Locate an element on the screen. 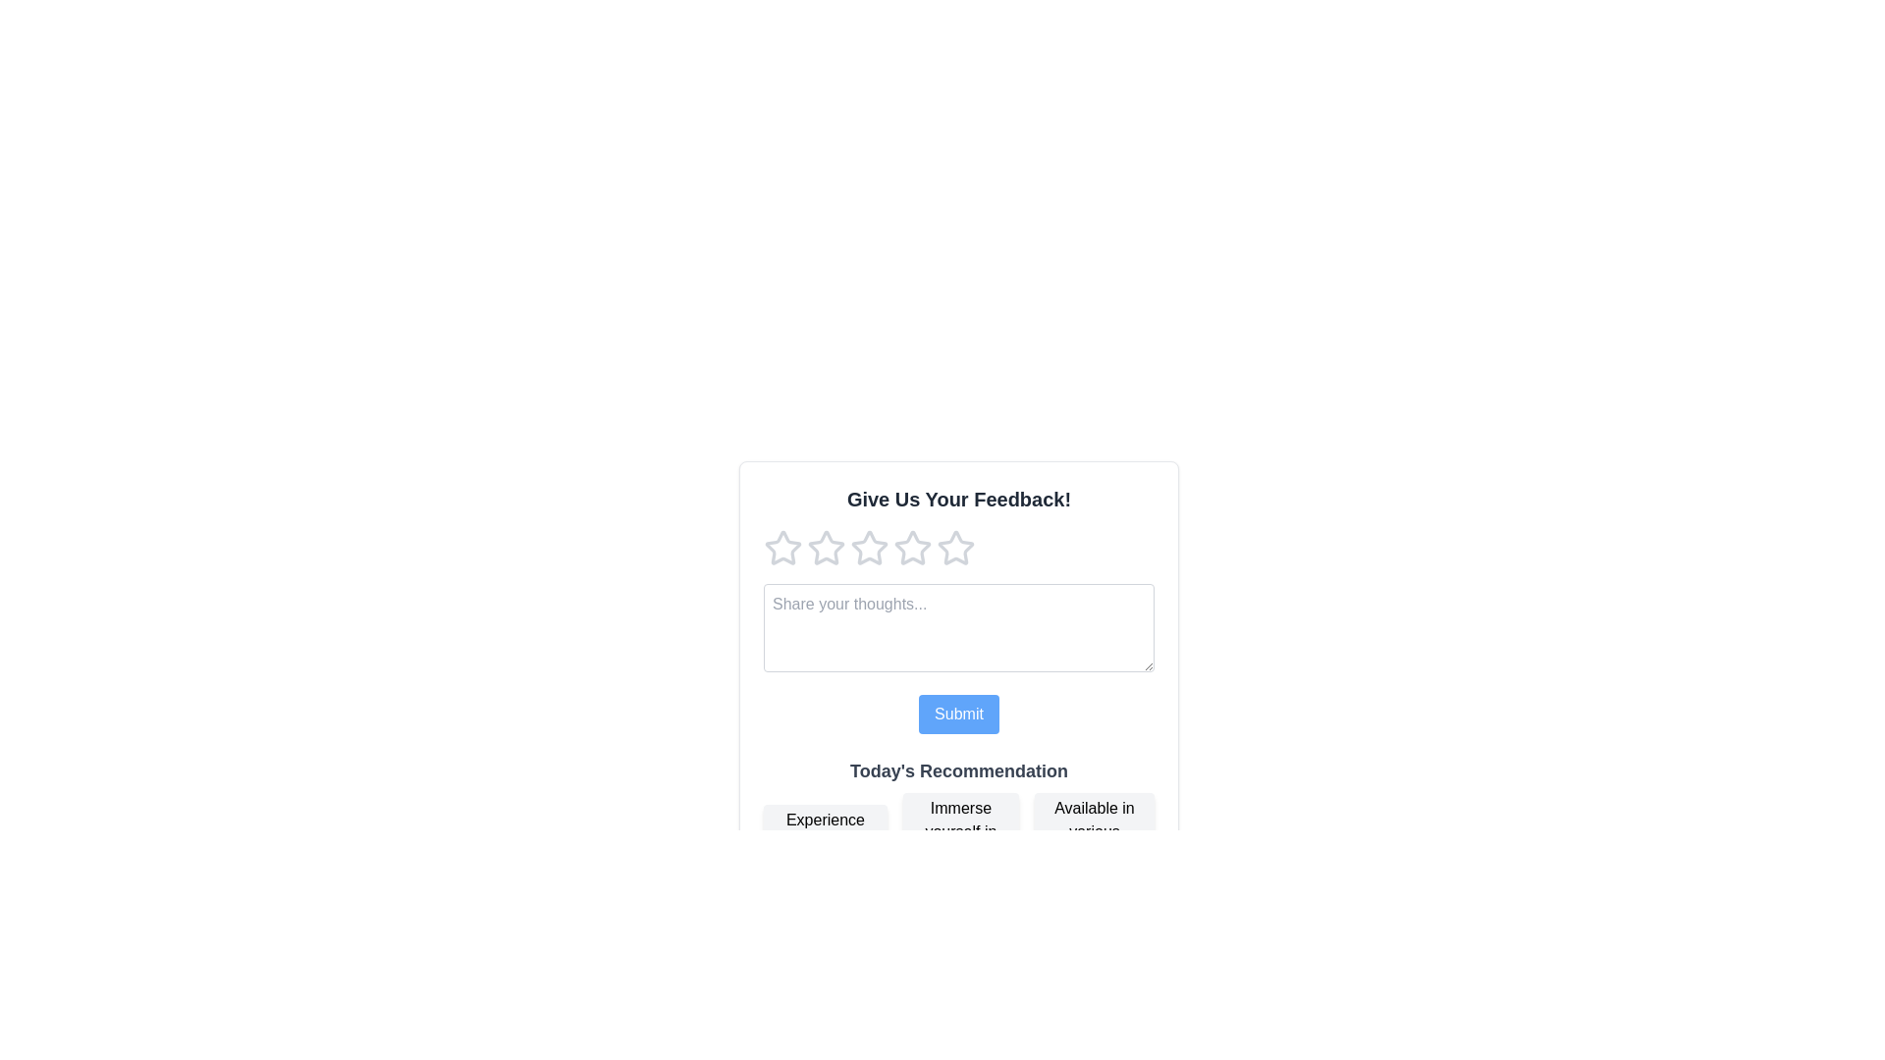  the third star icon in the horizontal row of five is located at coordinates (912, 548).